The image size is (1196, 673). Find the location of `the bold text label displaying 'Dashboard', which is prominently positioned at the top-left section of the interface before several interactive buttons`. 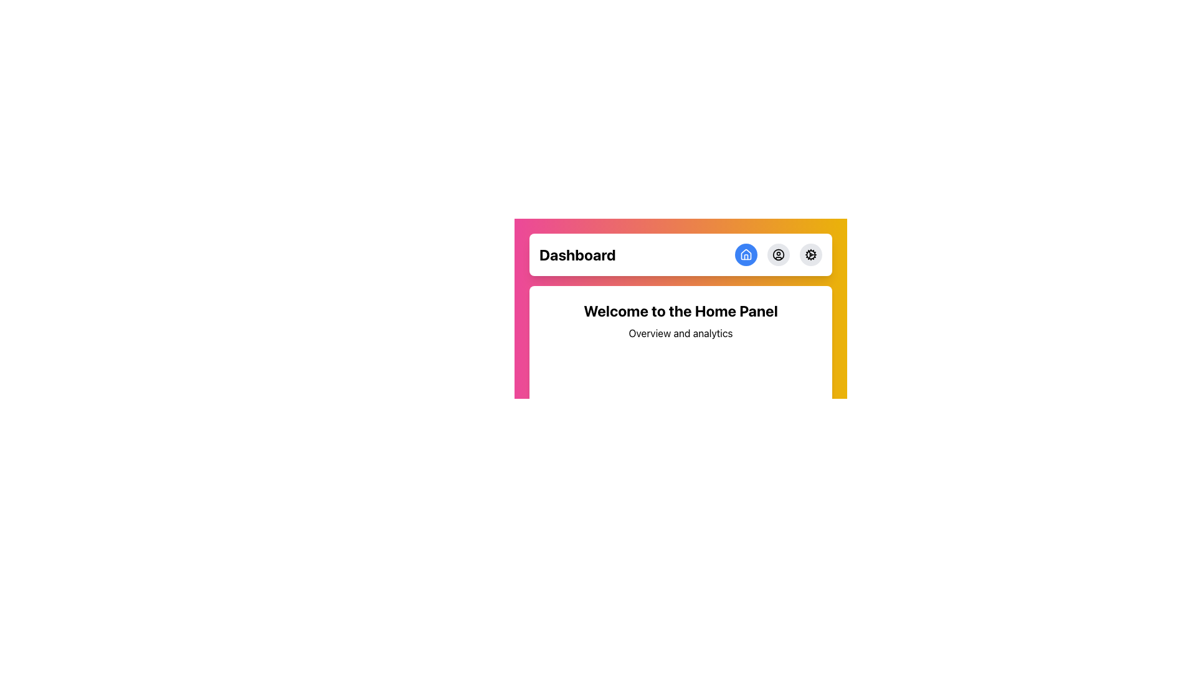

the bold text label displaying 'Dashboard', which is prominently positioned at the top-left section of the interface before several interactive buttons is located at coordinates (577, 254).